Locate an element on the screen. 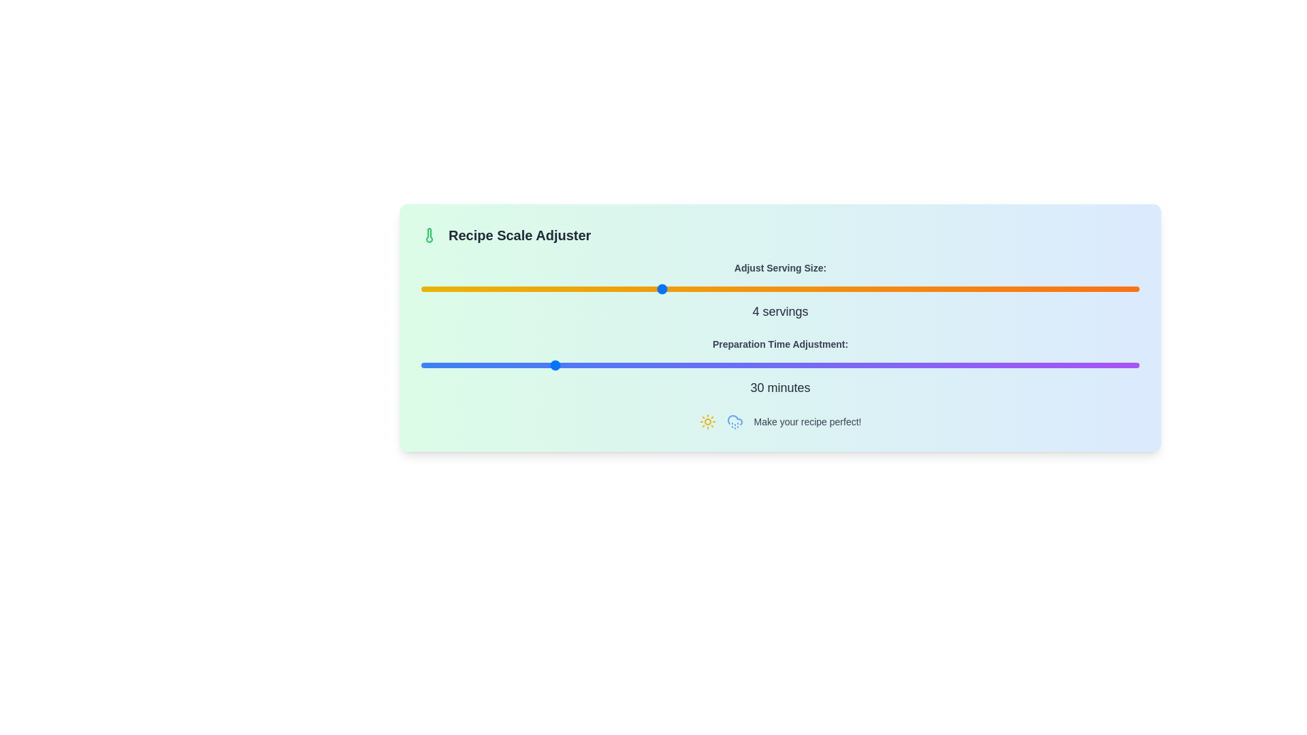 The height and width of the screenshot is (735, 1307). preparation time adjustment is located at coordinates (982, 364).